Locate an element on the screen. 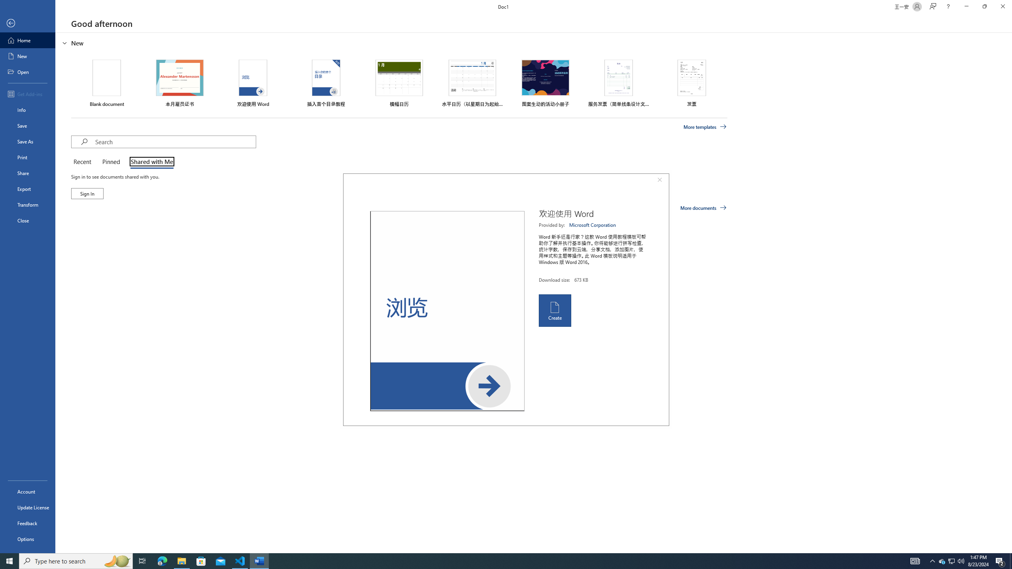  'Preview' is located at coordinates (447, 311).